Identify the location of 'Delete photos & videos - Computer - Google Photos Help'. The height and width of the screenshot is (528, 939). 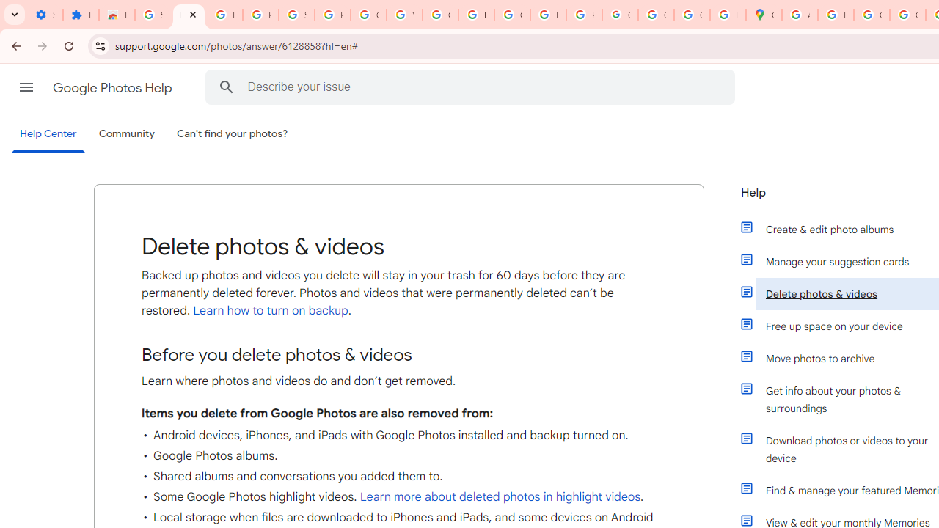
(188, 15).